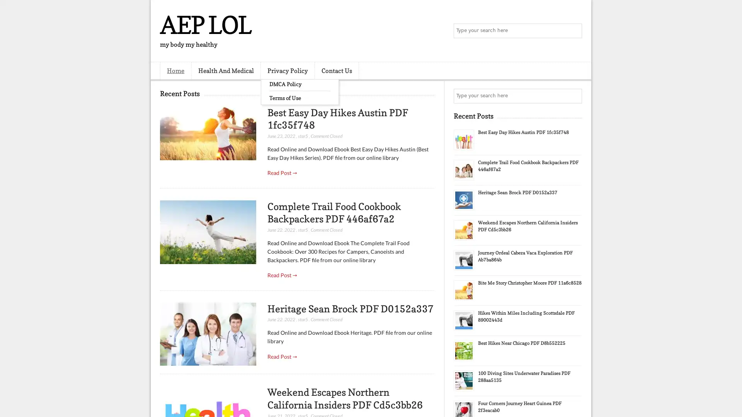 The width and height of the screenshot is (742, 417). What do you see at coordinates (574, 96) in the screenshot?
I see `Search` at bounding box center [574, 96].